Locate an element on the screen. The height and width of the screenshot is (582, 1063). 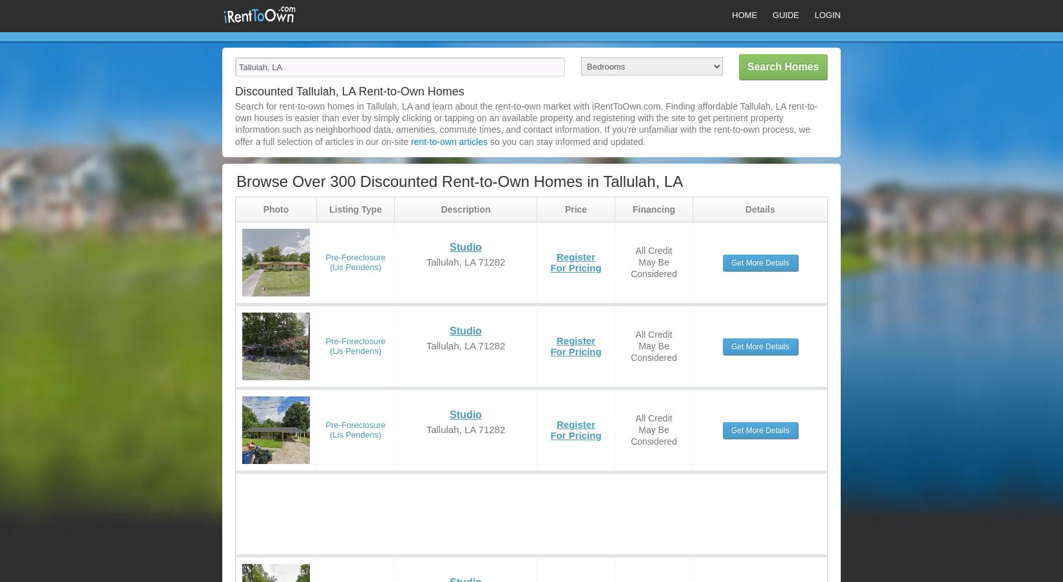
'Photo' is located at coordinates (275, 208).